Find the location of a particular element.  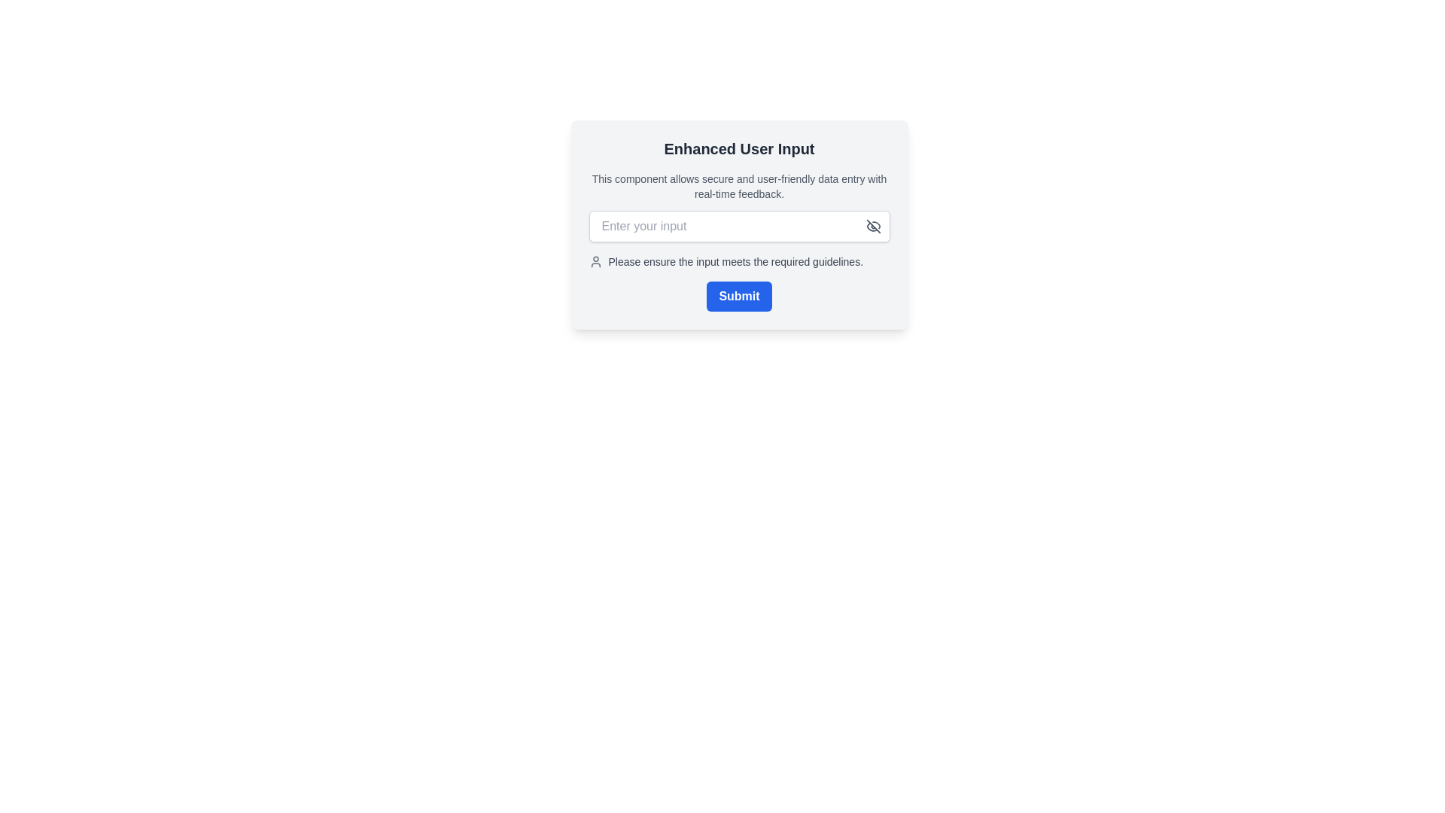

the user profile icon located to the left of the warning text 'Please ensure the input meets the required guidelines.' is located at coordinates (595, 260).